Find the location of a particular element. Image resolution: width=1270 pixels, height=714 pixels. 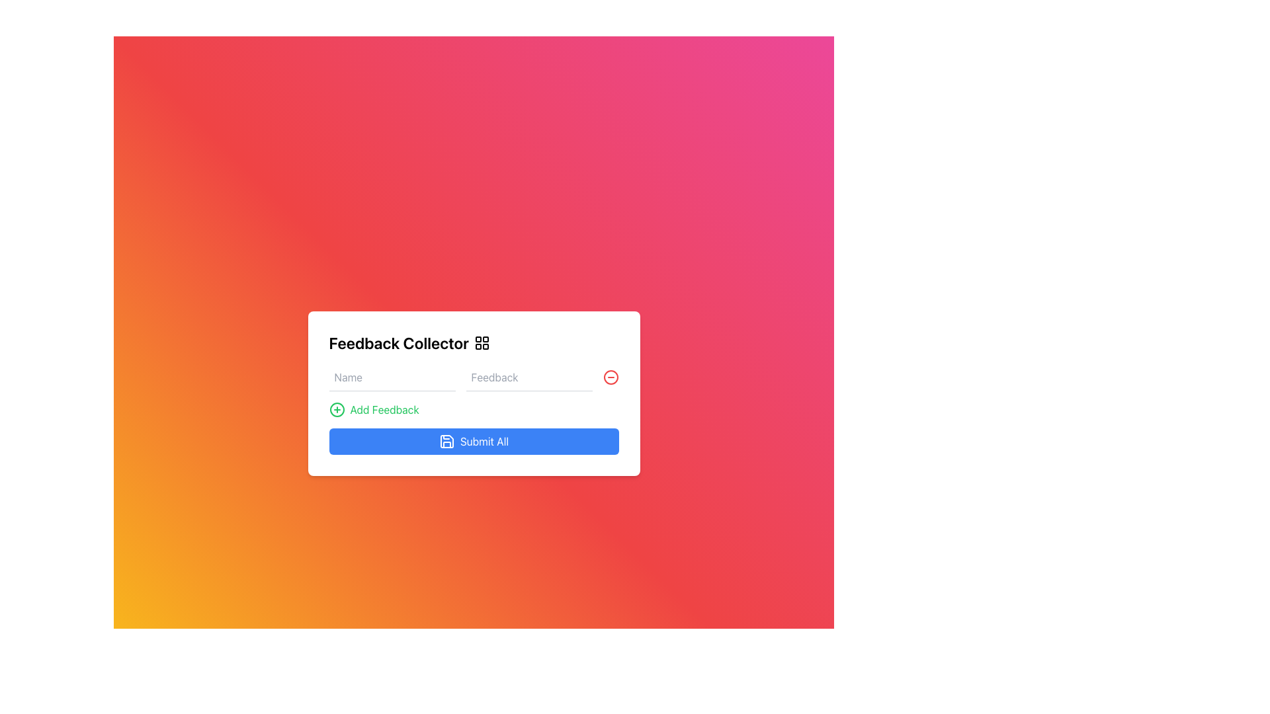

the submit button located at the bottom of the form is located at coordinates (474, 441).